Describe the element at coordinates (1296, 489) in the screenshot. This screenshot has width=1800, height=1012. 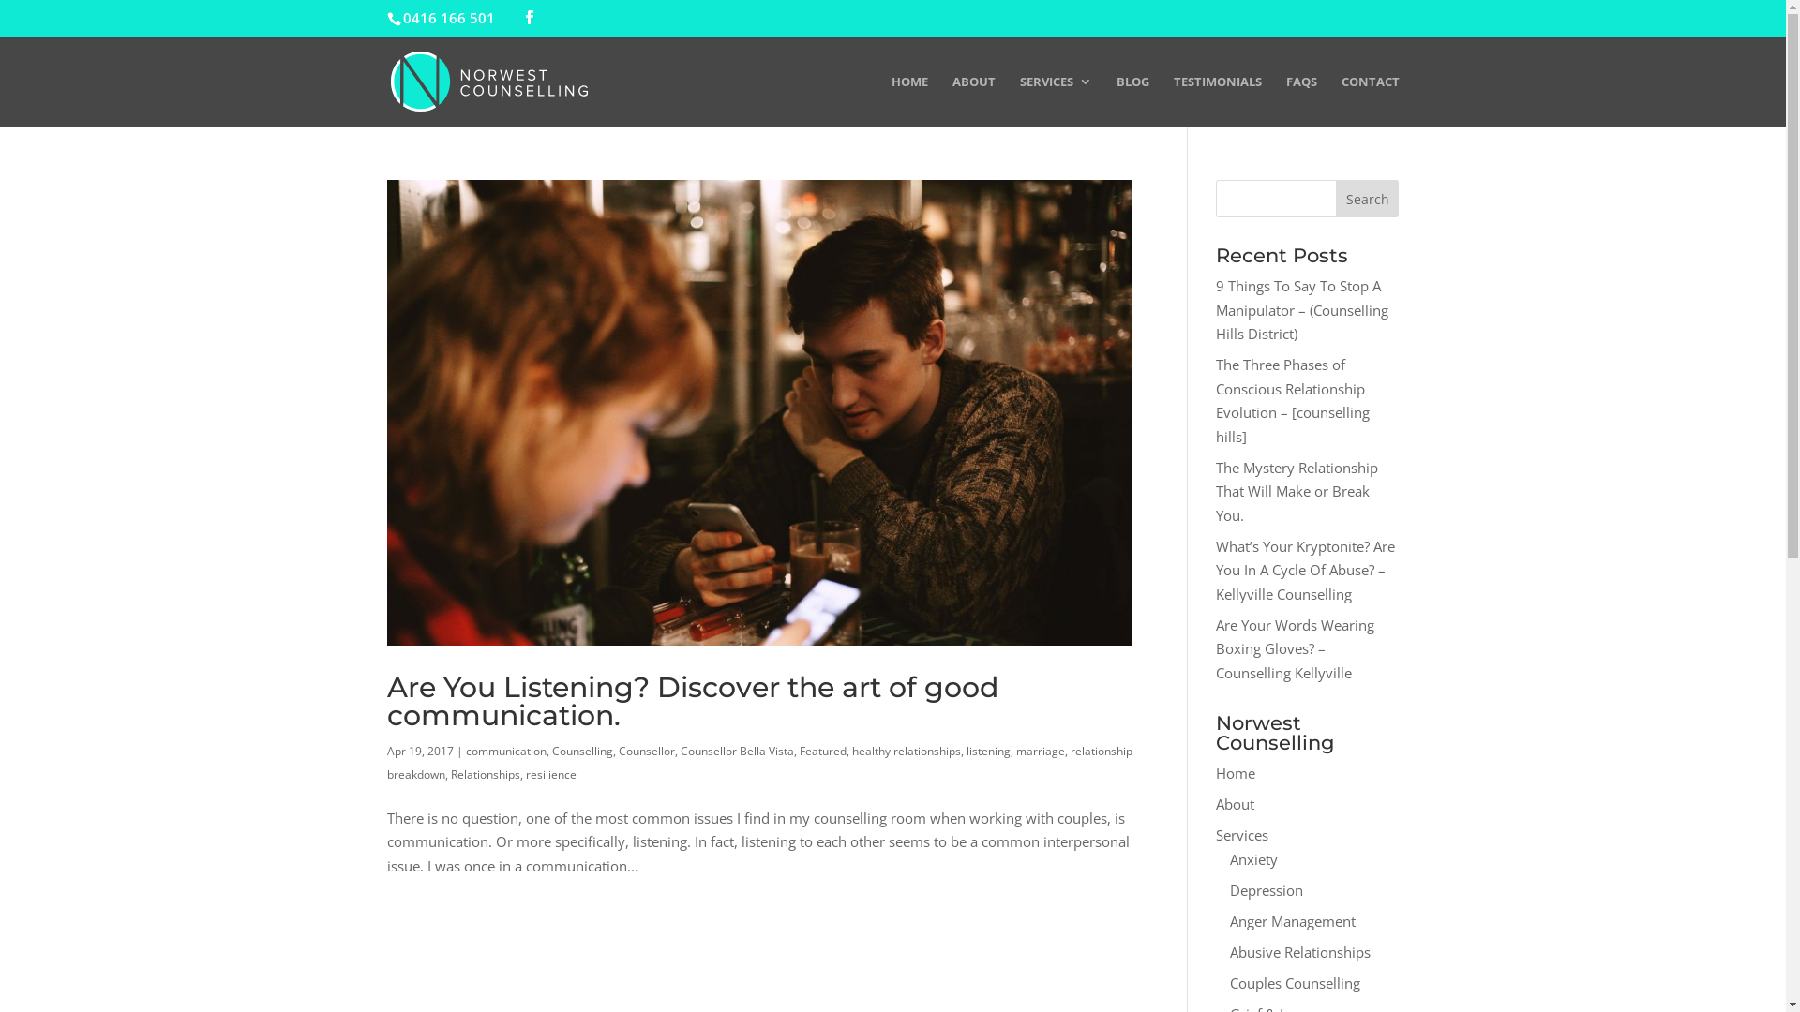
I see `'The Mystery Relationship That Will Make or Break You.'` at that location.